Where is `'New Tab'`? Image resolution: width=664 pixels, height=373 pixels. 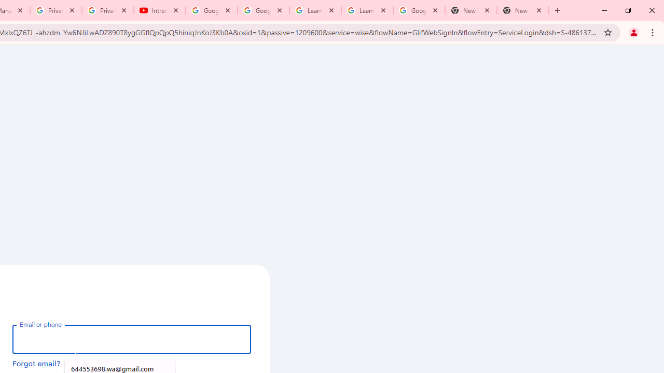 'New Tab' is located at coordinates (523, 10).